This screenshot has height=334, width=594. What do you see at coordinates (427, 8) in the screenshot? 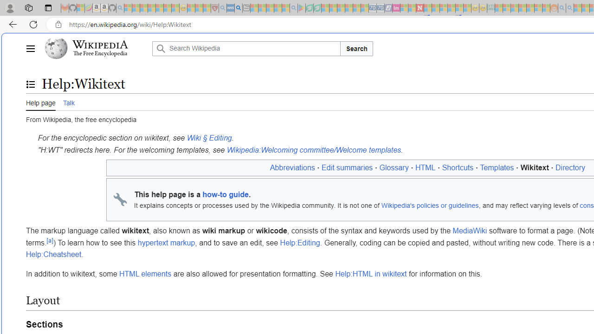
I see `'Trusted Community Engagement and Contributions | Guidelines'` at bounding box center [427, 8].